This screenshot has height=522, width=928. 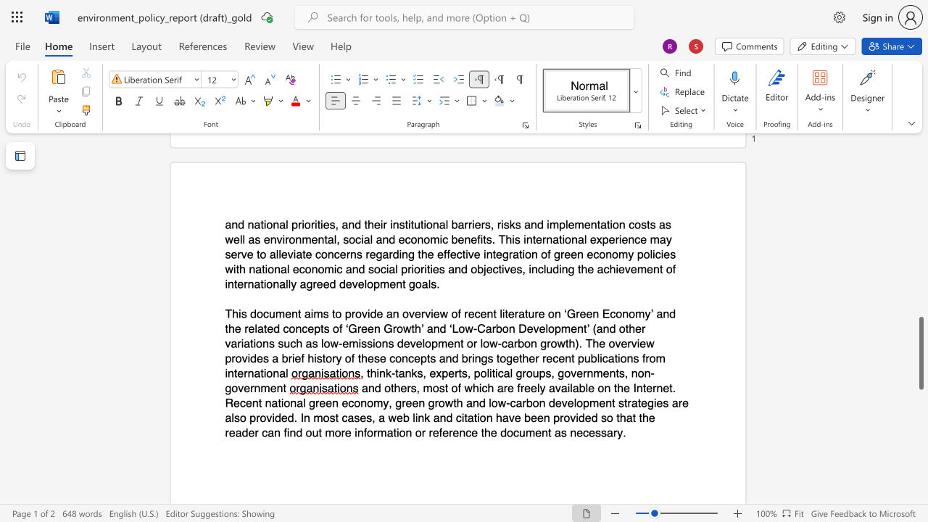 What do you see at coordinates (920, 217) in the screenshot?
I see `the scrollbar to scroll the page up` at bounding box center [920, 217].